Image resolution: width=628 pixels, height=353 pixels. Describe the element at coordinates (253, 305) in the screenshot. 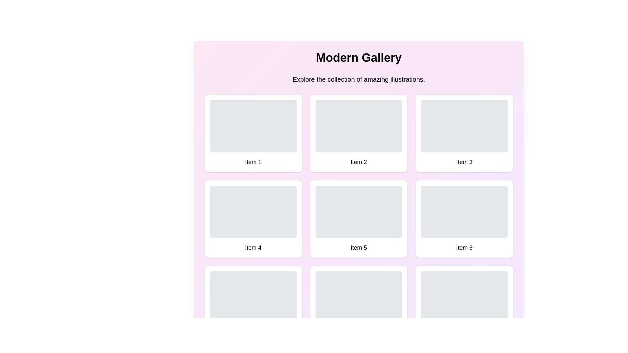

I see `the Card element labeled 'Item 7' which is located in the third row and first column of the grid layout in the 'Modern Gallery' section` at that location.